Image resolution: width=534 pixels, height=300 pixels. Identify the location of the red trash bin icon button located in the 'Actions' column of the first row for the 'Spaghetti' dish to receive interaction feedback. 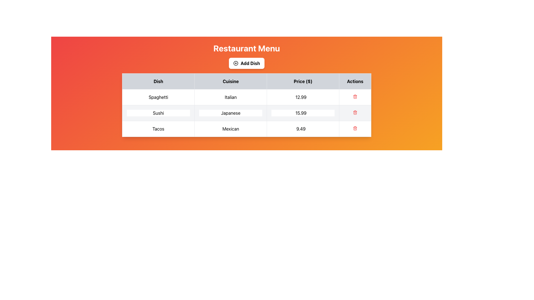
(355, 97).